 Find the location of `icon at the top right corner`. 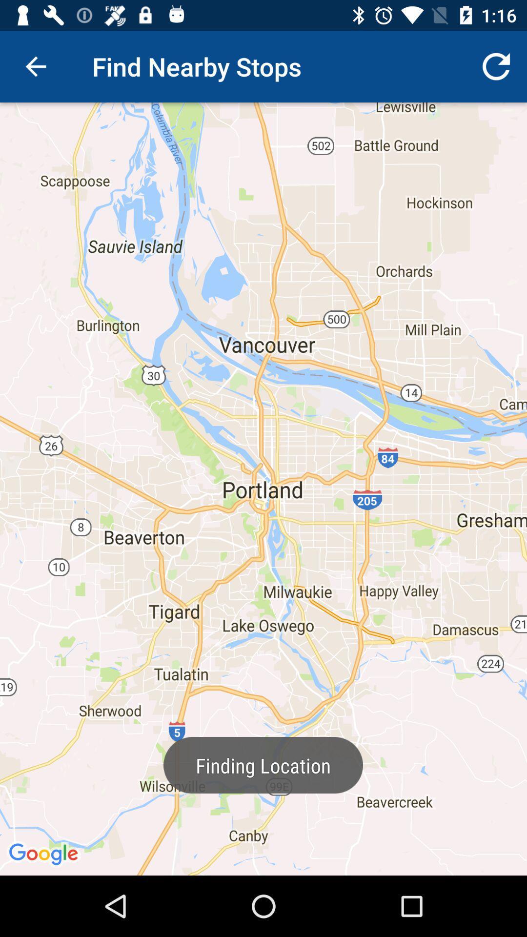

icon at the top right corner is located at coordinates (496, 66).